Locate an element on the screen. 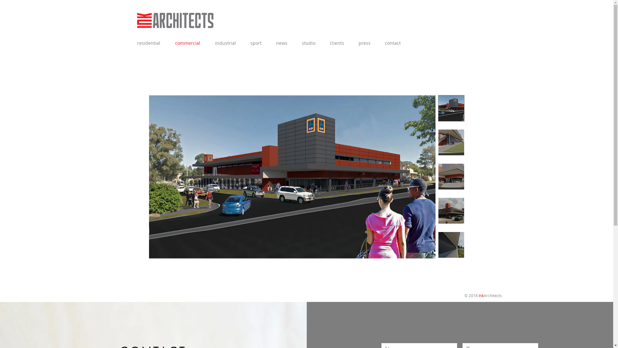 Image resolution: width=618 pixels, height=348 pixels. 'commercial' is located at coordinates (189, 43).